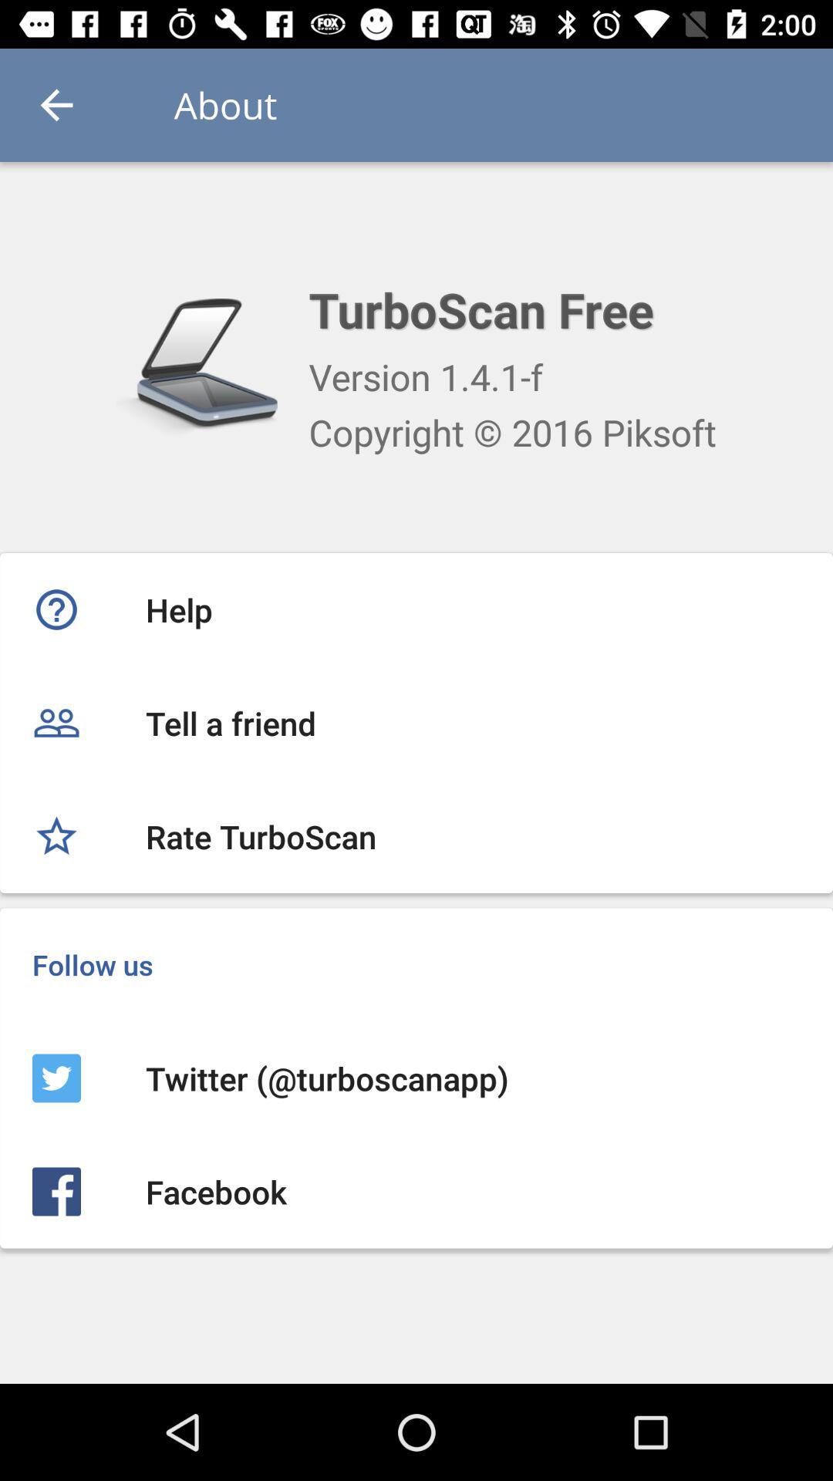  What do you see at coordinates (416, 722) in the screenshot?
I see `tell a friend` at bounding box center [416, 722].